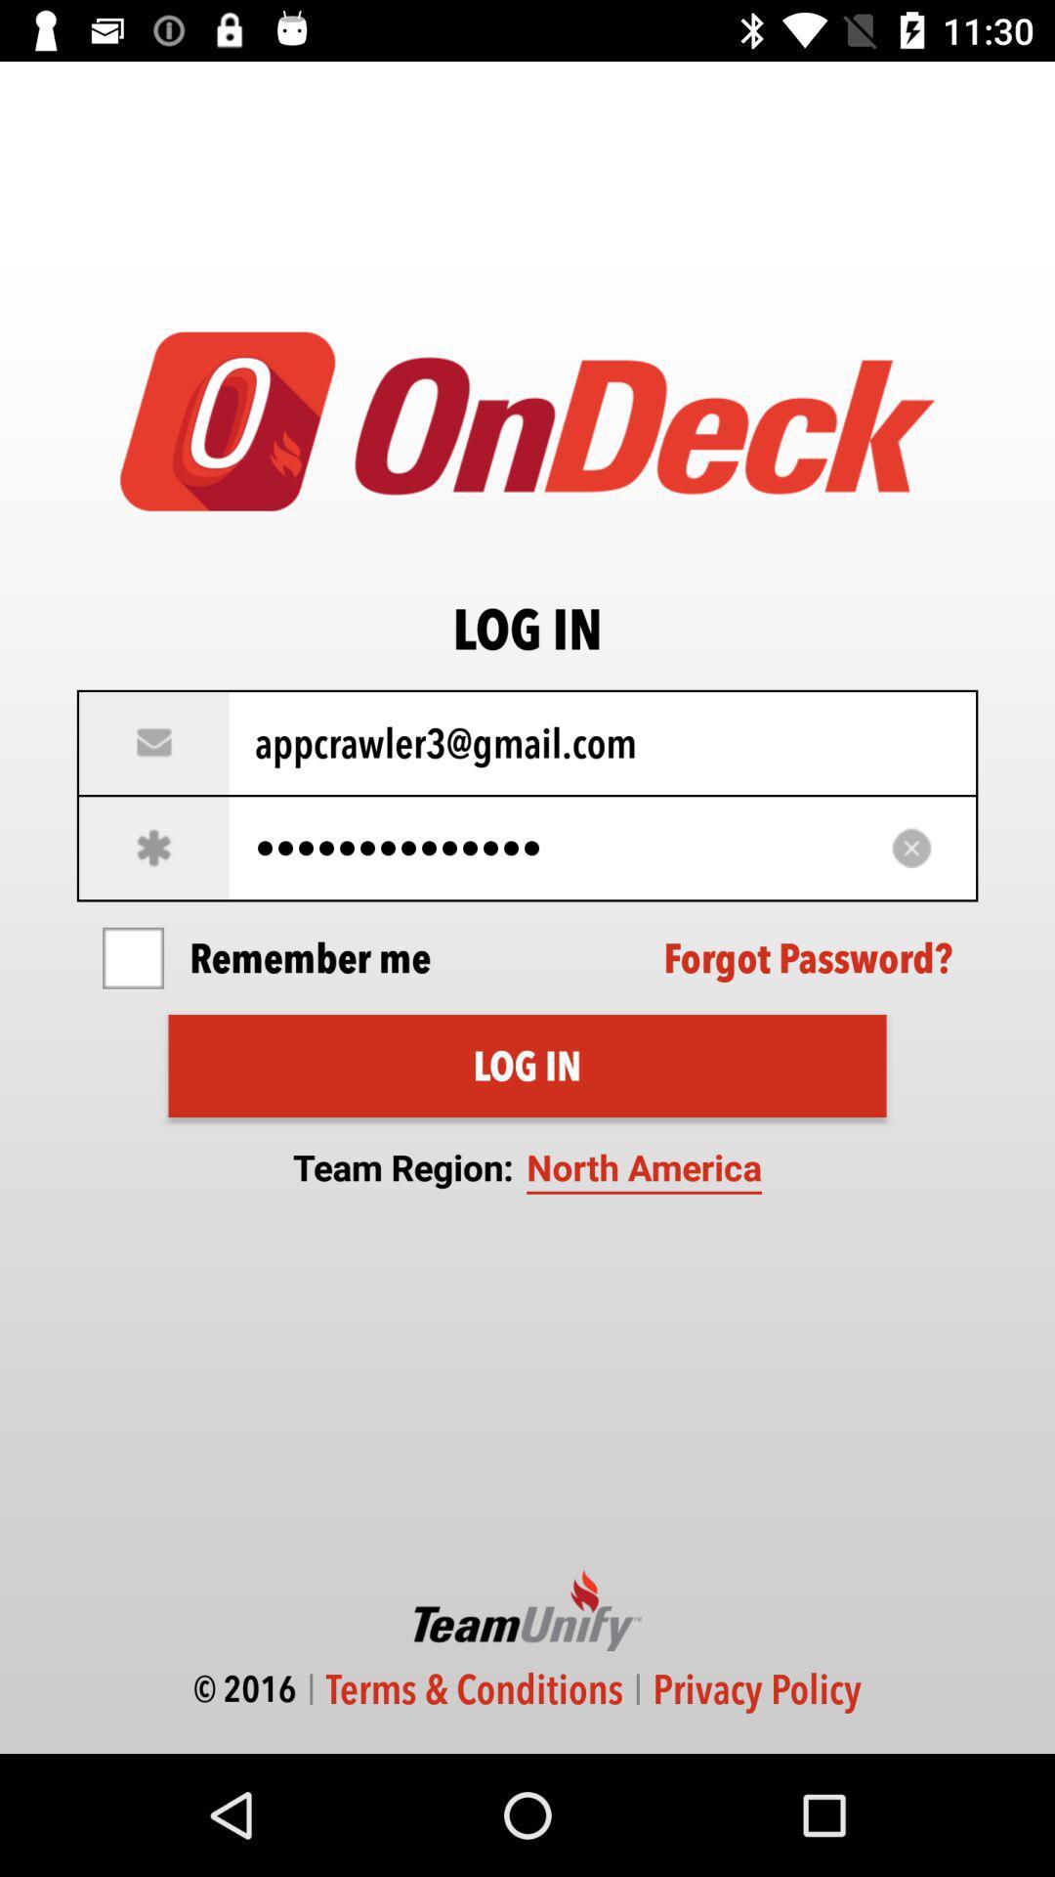 The width and height of the screenshot is (1055, 1877). What do you see at coordinates (132, 958) in the screenshot?
I see `remember login opton` at bounding box center [132, 958].